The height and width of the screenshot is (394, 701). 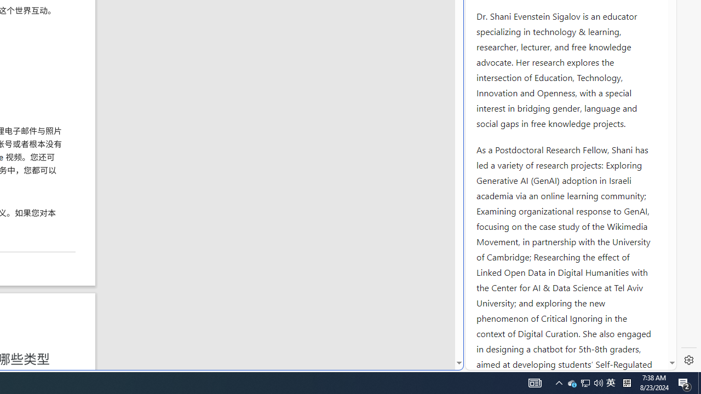 What do you see at coordinates (688, 360) in the screenshot?
I see `'Settings'` at bounding box center [688, 360].